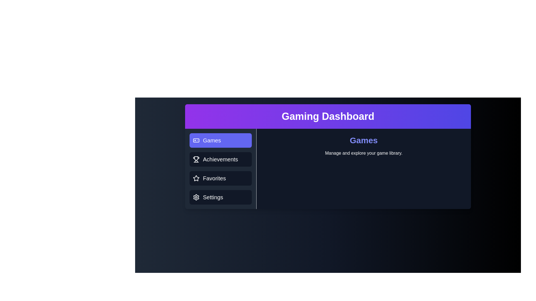 The image size is (536, 301). What do you see at coordinates (220, 140) in the screenshot?
I see `the tab labeled Games to observe its hover effect` at bounding box center [220, 140].